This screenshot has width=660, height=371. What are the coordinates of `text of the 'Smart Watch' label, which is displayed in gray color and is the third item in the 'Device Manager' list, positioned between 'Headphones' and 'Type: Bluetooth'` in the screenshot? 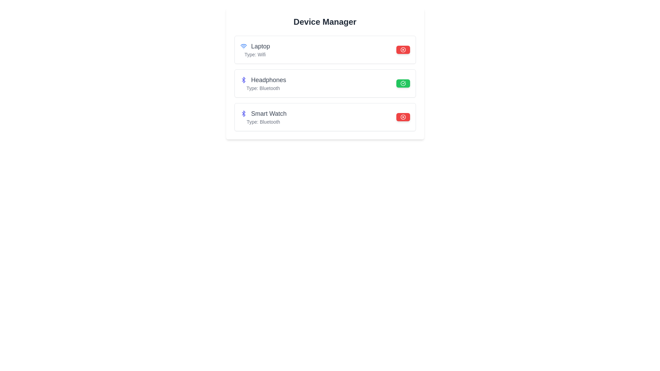 It's located at (263, 113).